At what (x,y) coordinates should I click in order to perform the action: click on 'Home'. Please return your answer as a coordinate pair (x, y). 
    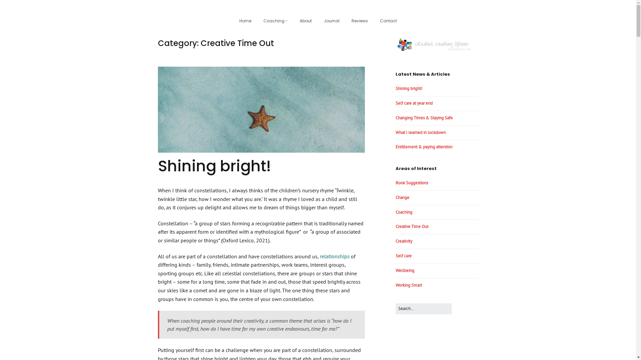
    Looking at the image, I should click on (245, 21).